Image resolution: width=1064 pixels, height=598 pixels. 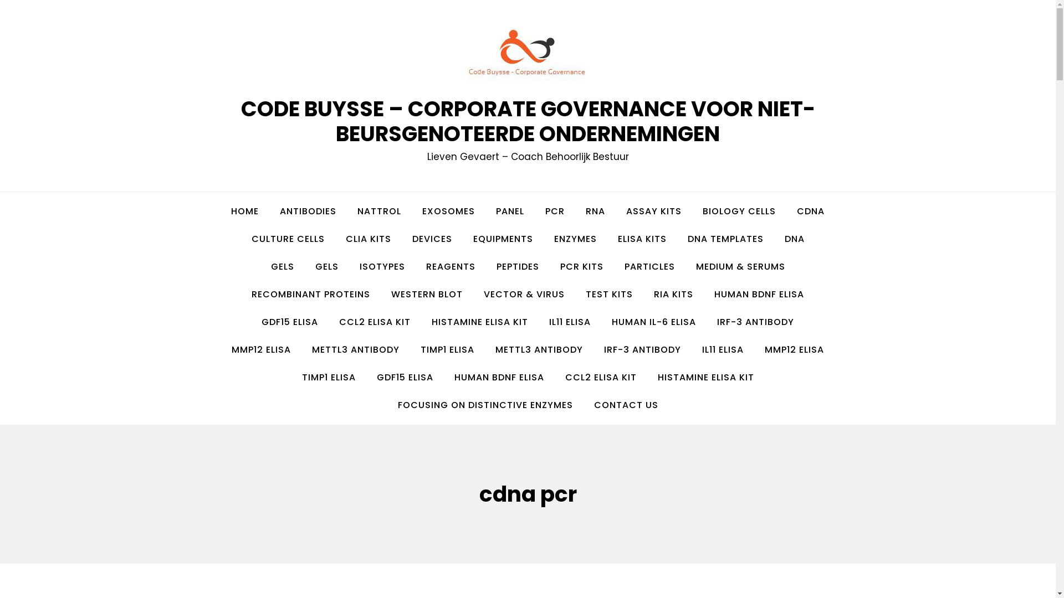 What do you see at coordinates (379, 211) in the screenshot?
I see `'NATTROL'` at bounding box center [379, 211].